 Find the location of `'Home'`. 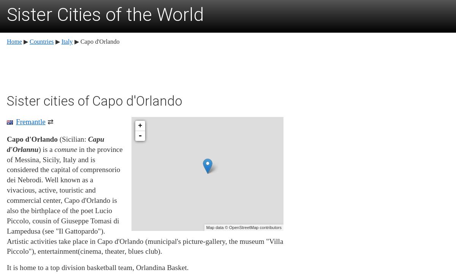

'Home' is located at coordinates (7, 41).